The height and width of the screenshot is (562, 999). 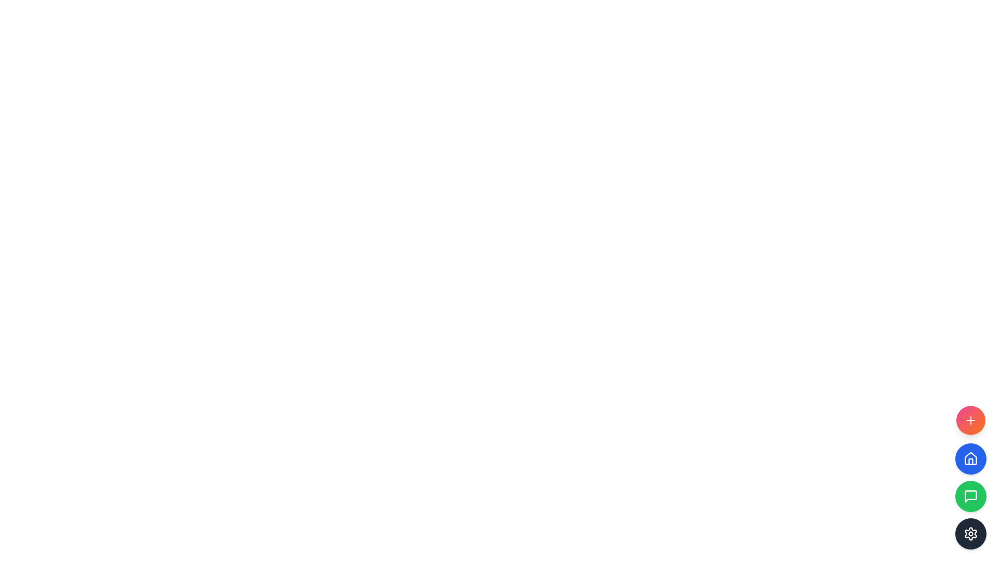 I want to click on the third button in the vertical series of buttons located in the bottom-right corner of the UI, so click(x=970, y=478).